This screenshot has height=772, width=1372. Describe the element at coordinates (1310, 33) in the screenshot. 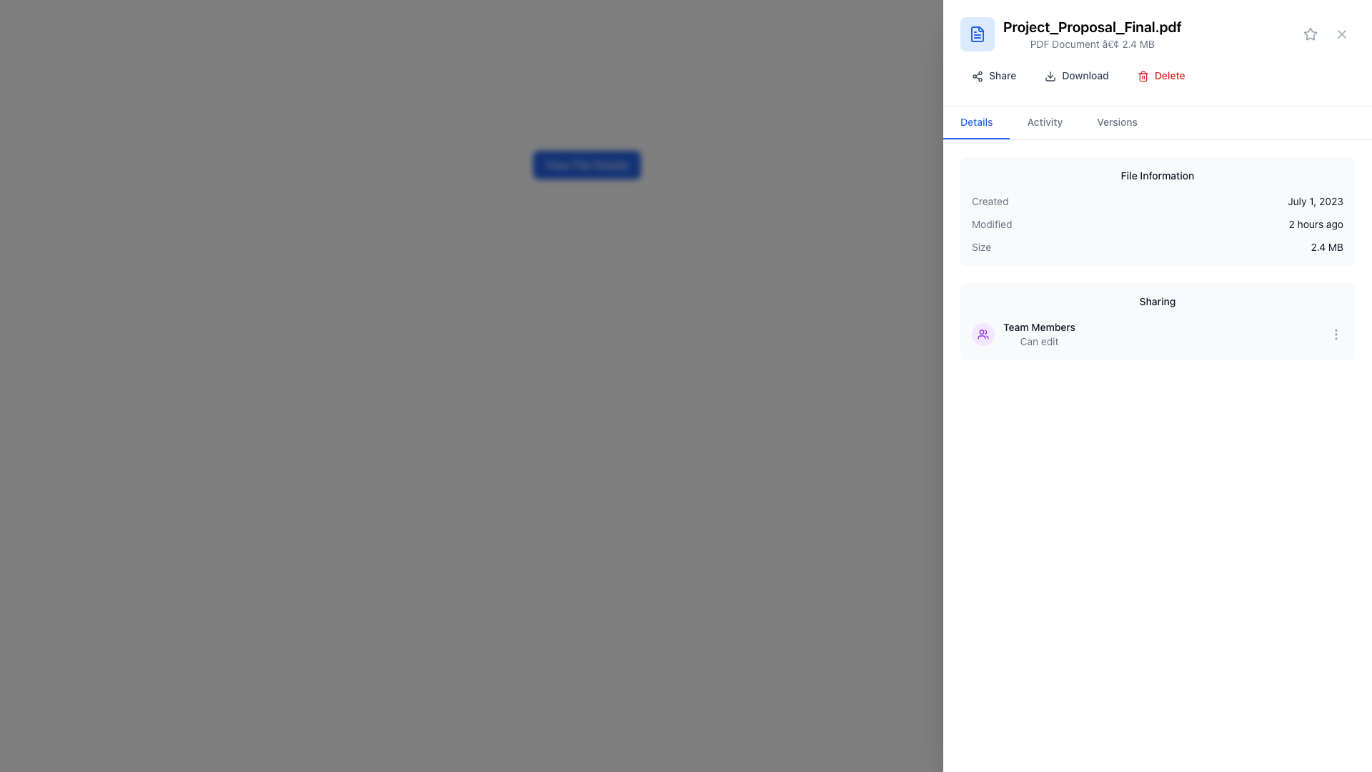

I see `the star icon located in the top-right corner of the interface, adjacent to the close button ('X')` at that location.